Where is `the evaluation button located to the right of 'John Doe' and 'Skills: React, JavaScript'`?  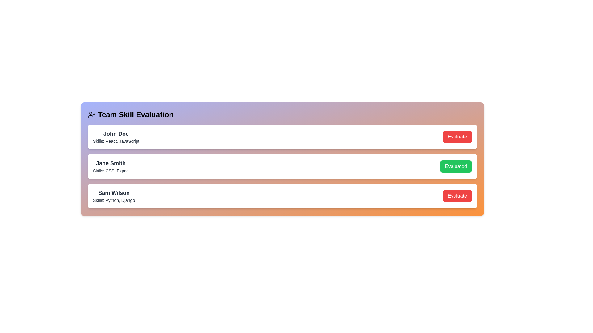
the evaluation button located to the right of 'John Doe' and 'Skills: React, JavaScript' is located at coordinates (457, 136).